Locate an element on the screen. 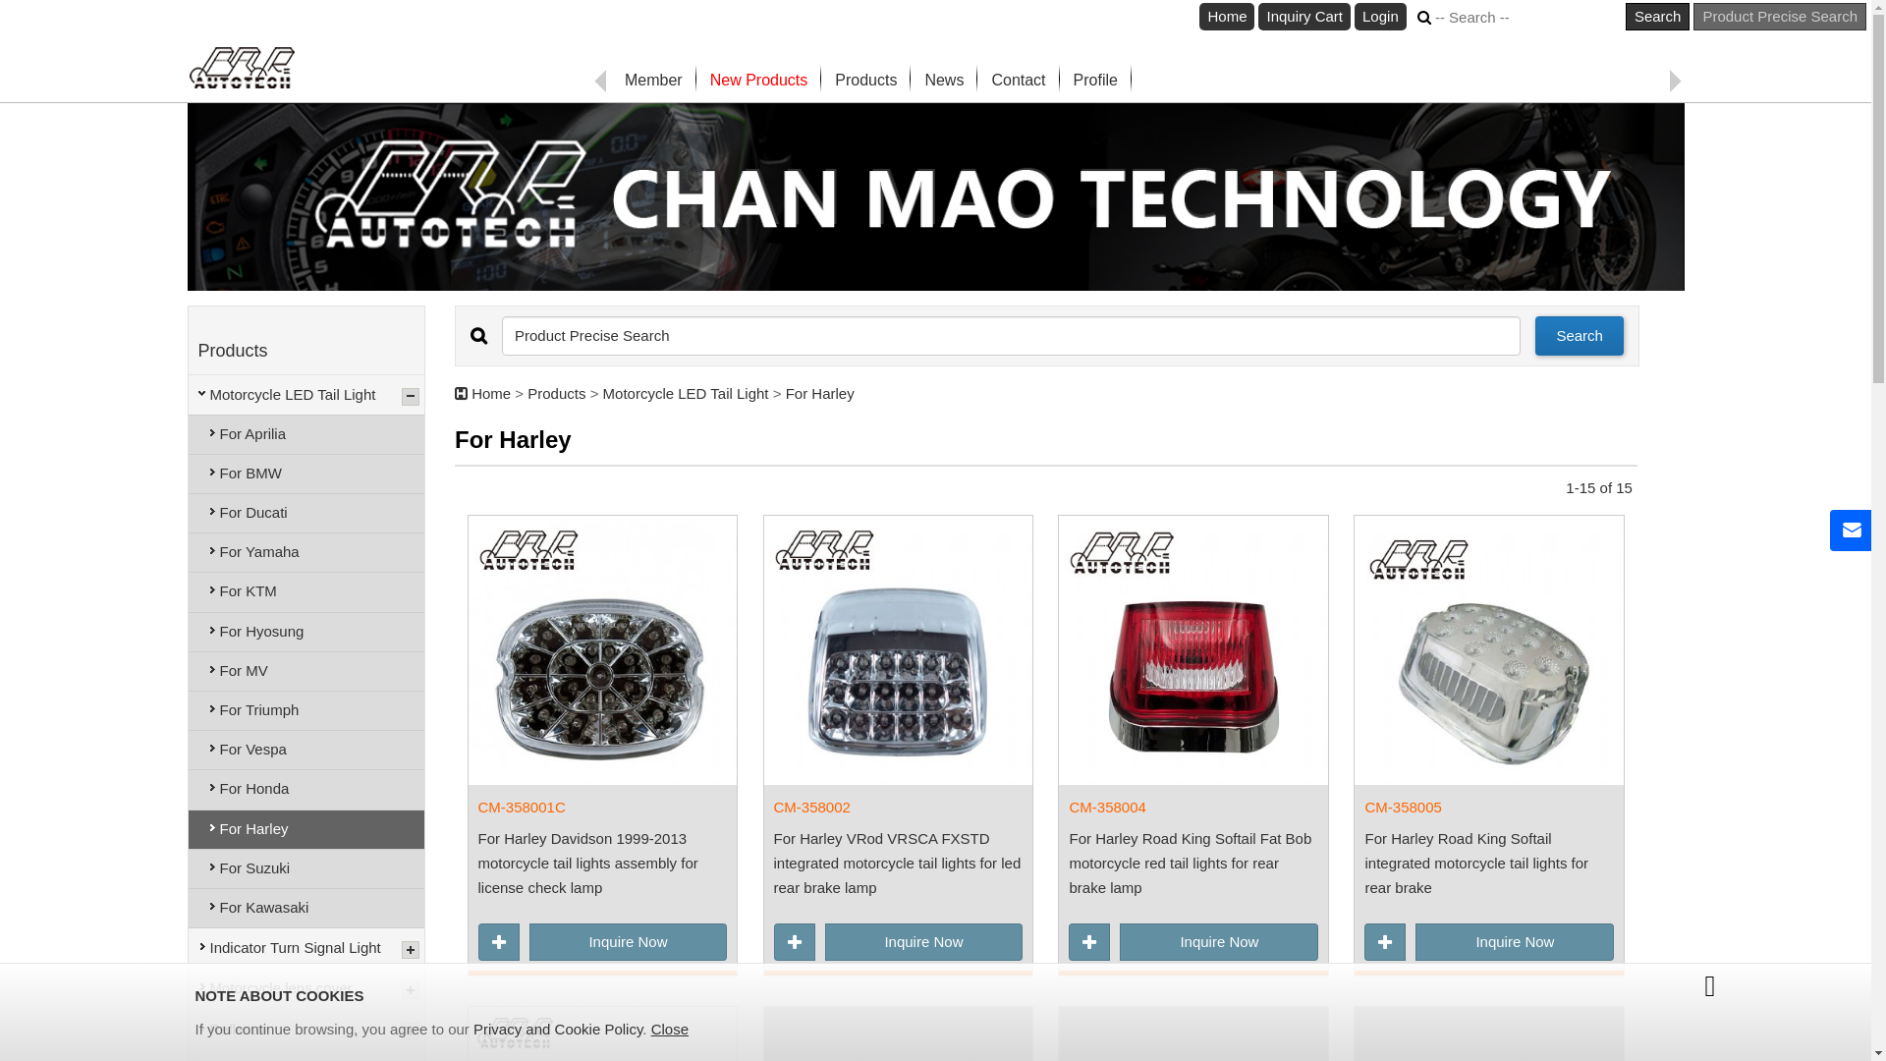  'Inquiry Cart' is located at coordinates (1258, 16).